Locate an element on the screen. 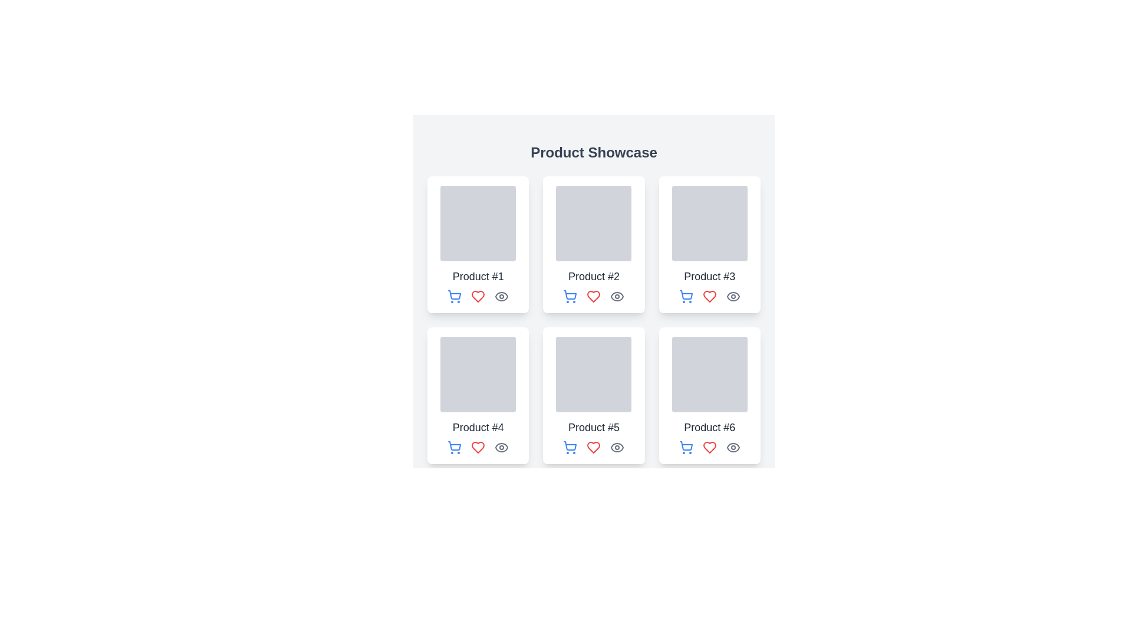 The width and height of the screenshot is (1132, 637). the heart icon button located in the second row, second column of the product grid is located at coordinates (594, 448).